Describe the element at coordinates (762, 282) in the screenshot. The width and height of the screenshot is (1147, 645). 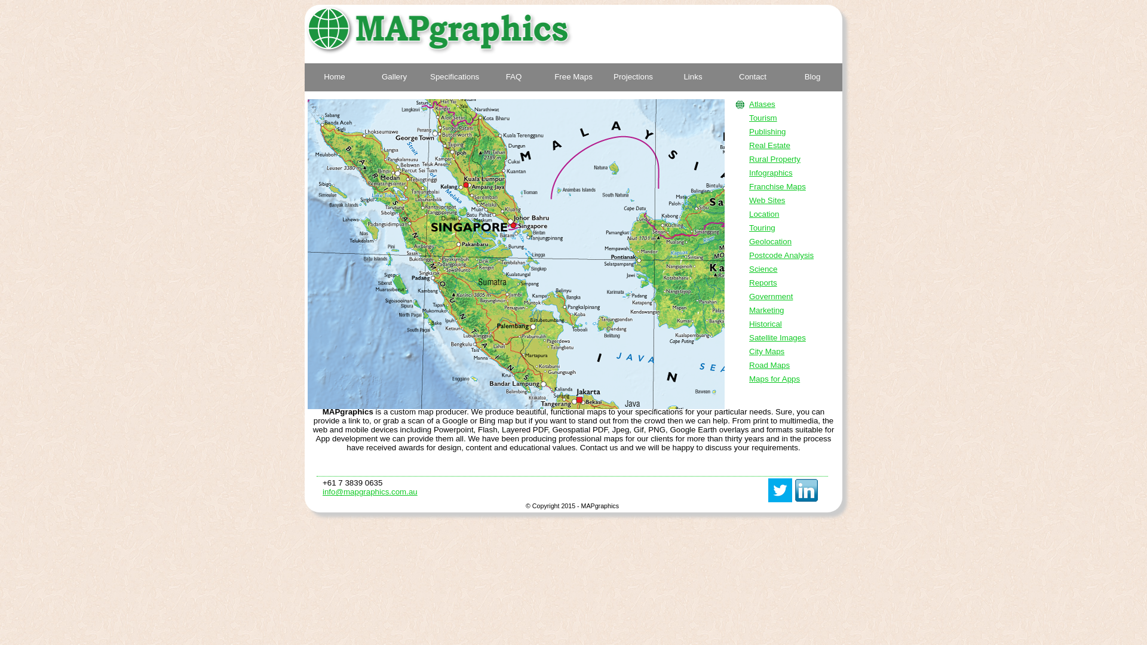
I see `'Reports'` at that location.